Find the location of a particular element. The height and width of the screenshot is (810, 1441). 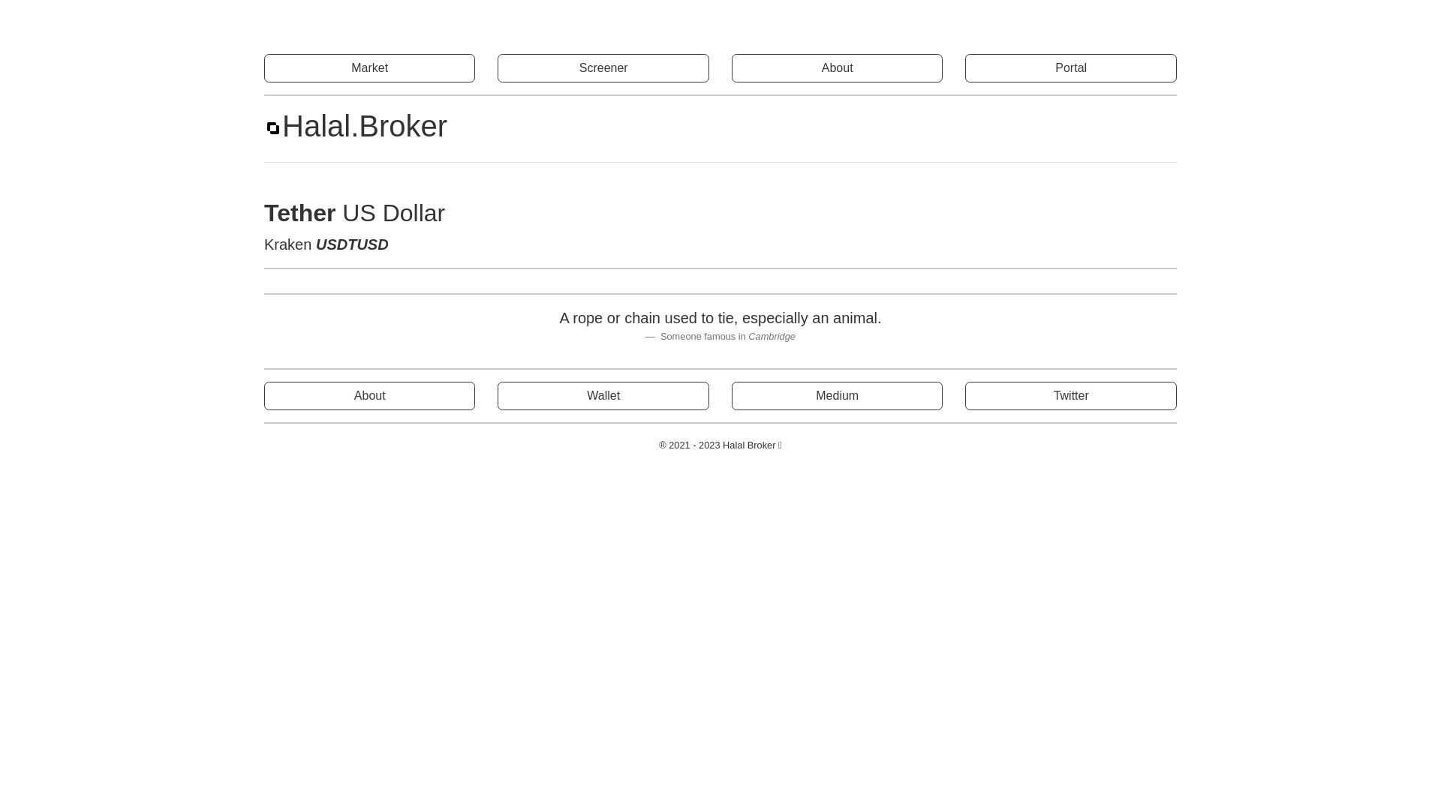

'Screener' is located at coordinates (603, 68).